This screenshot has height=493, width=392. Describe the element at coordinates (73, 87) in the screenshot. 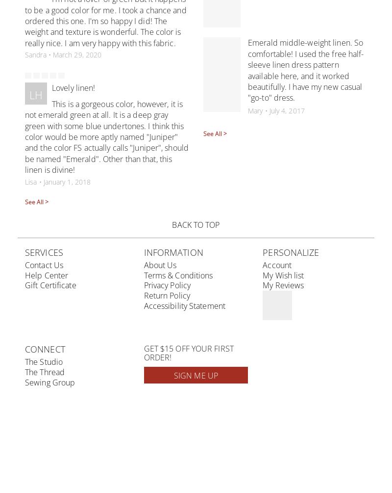

I see `'Lovely linen!'` at that location.